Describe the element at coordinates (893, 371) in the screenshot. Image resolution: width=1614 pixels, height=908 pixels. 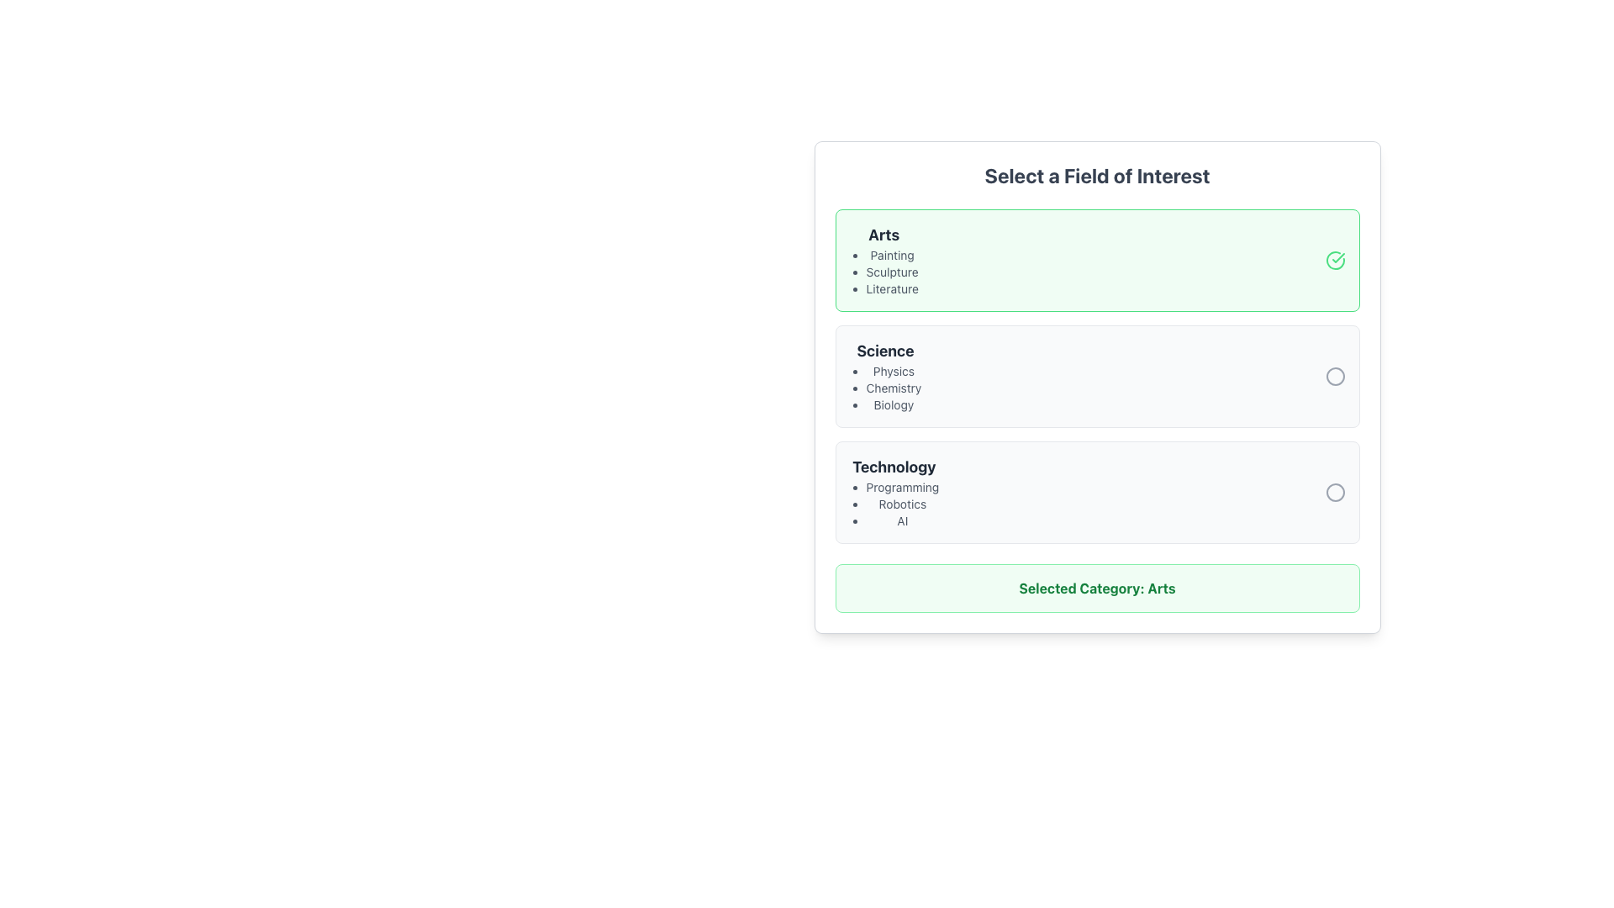
I see `the first bullet point labeled 'Physics' in the 'Science' section of the list` at that location.